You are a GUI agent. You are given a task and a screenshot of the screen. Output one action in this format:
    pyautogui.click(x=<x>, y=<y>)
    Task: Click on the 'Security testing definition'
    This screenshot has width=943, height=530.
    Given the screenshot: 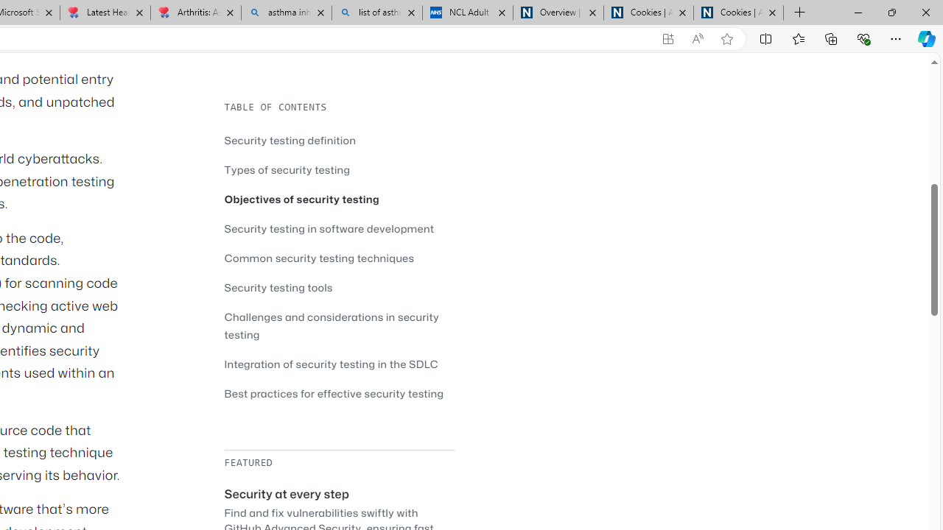 What is the action you would take?
    pyautogui.click(x=290, y=140)
    